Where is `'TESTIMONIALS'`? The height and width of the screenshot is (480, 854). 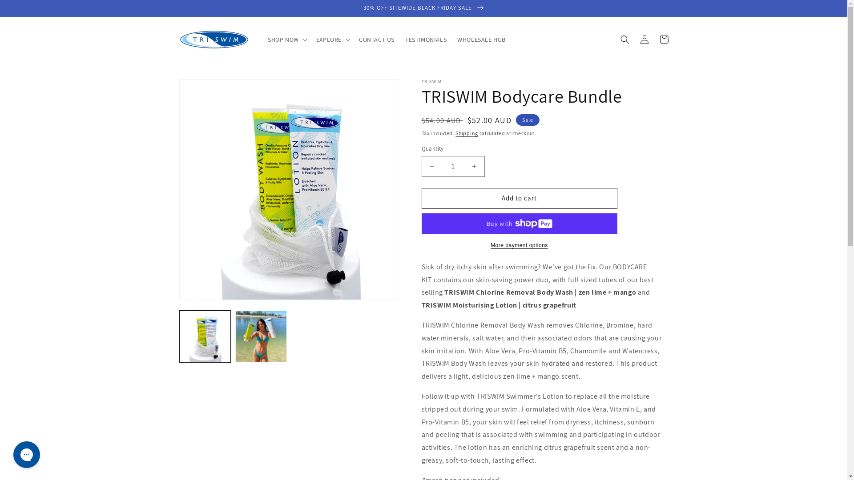
'TESTIMONIALS' is located at coordinates (425, 39).